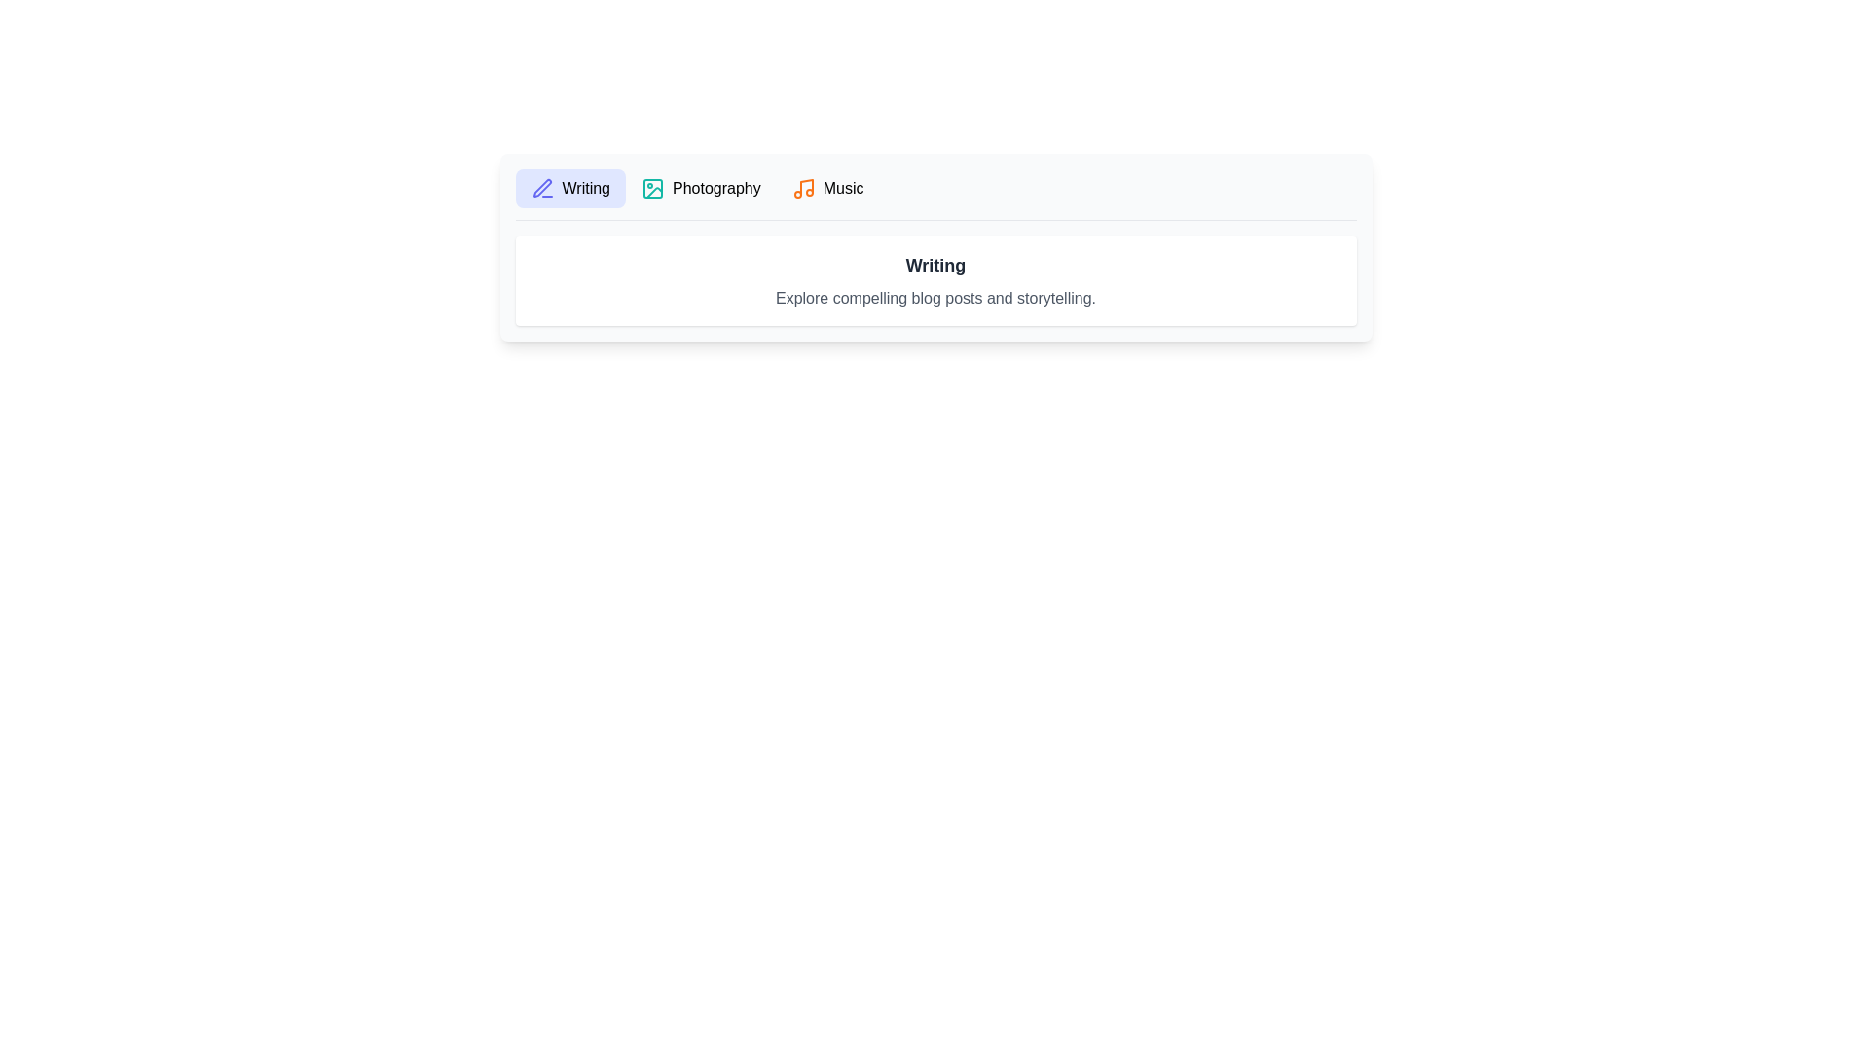  Describe the element at coordinates (569, 188) in the screenshot. I see `the tab labeled Writing` at that location.